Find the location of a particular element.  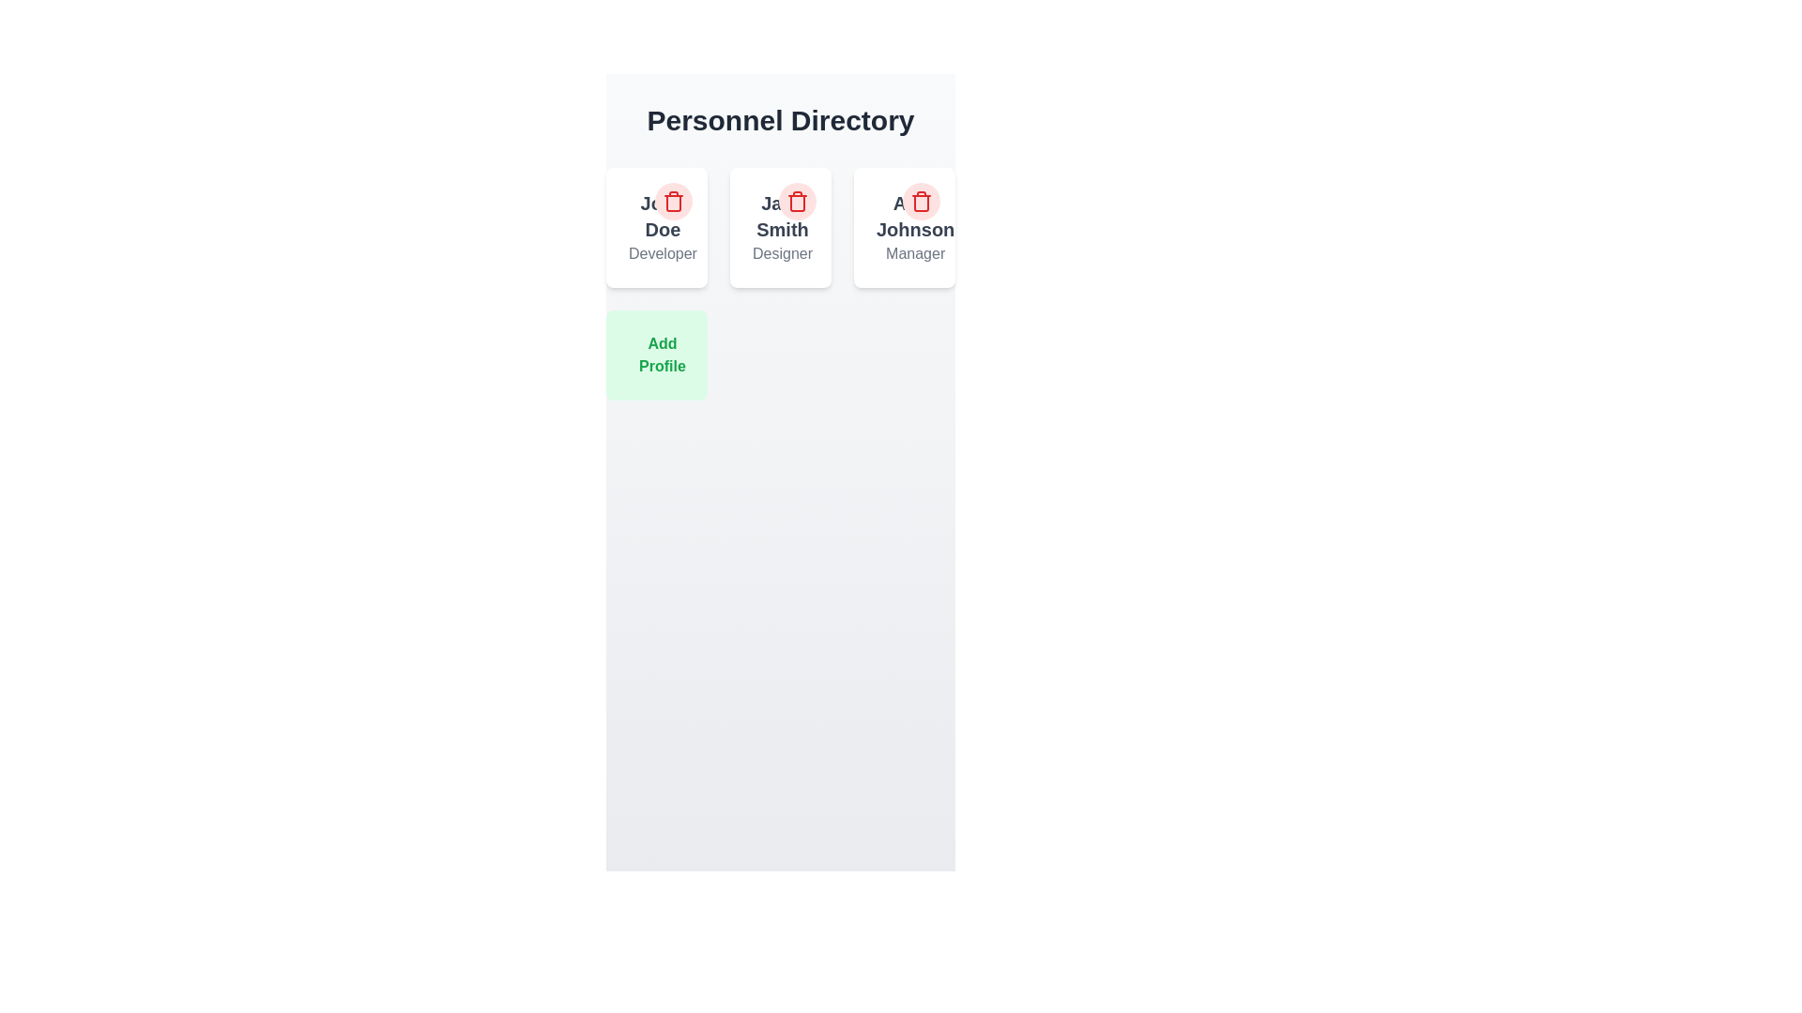

text label displaying 'Designer' that is centrally aligned below the name 'Jane Smith' within the card layout is located at coordinates (783, 253).